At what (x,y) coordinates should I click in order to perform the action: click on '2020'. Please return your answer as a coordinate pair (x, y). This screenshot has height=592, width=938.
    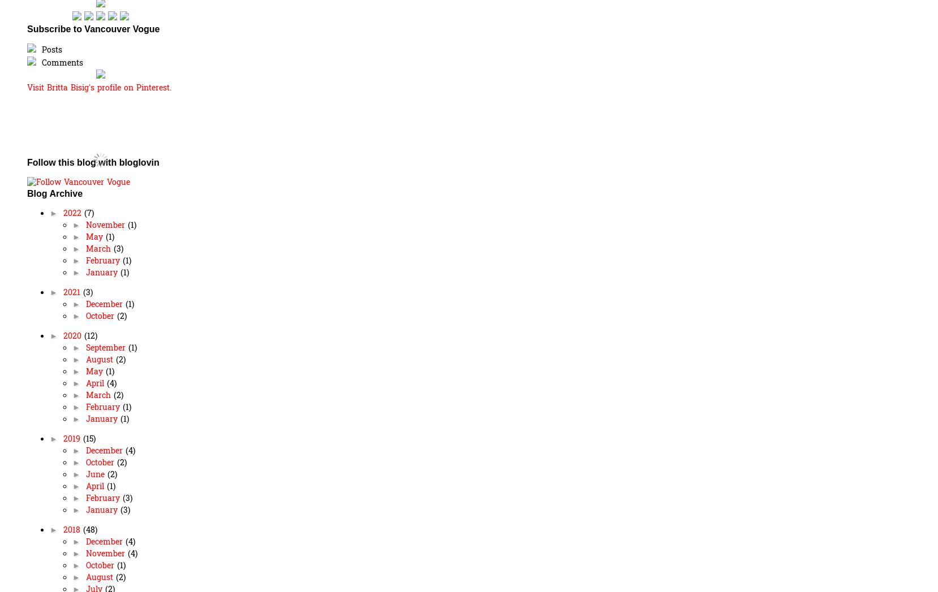
    Looking at the image, I should click on (72, 335).